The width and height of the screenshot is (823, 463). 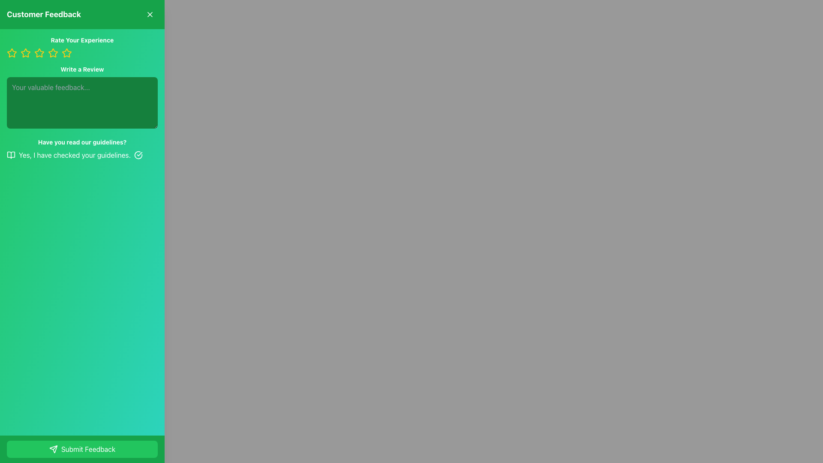 What do you see at coordinates (82, 148) in the screenshot?
I see `the confirmation prompt located near the bottom of the layout, specifically under the 'Write a Review' section, to read the guidelines statement` at bounding box center [82, 148].